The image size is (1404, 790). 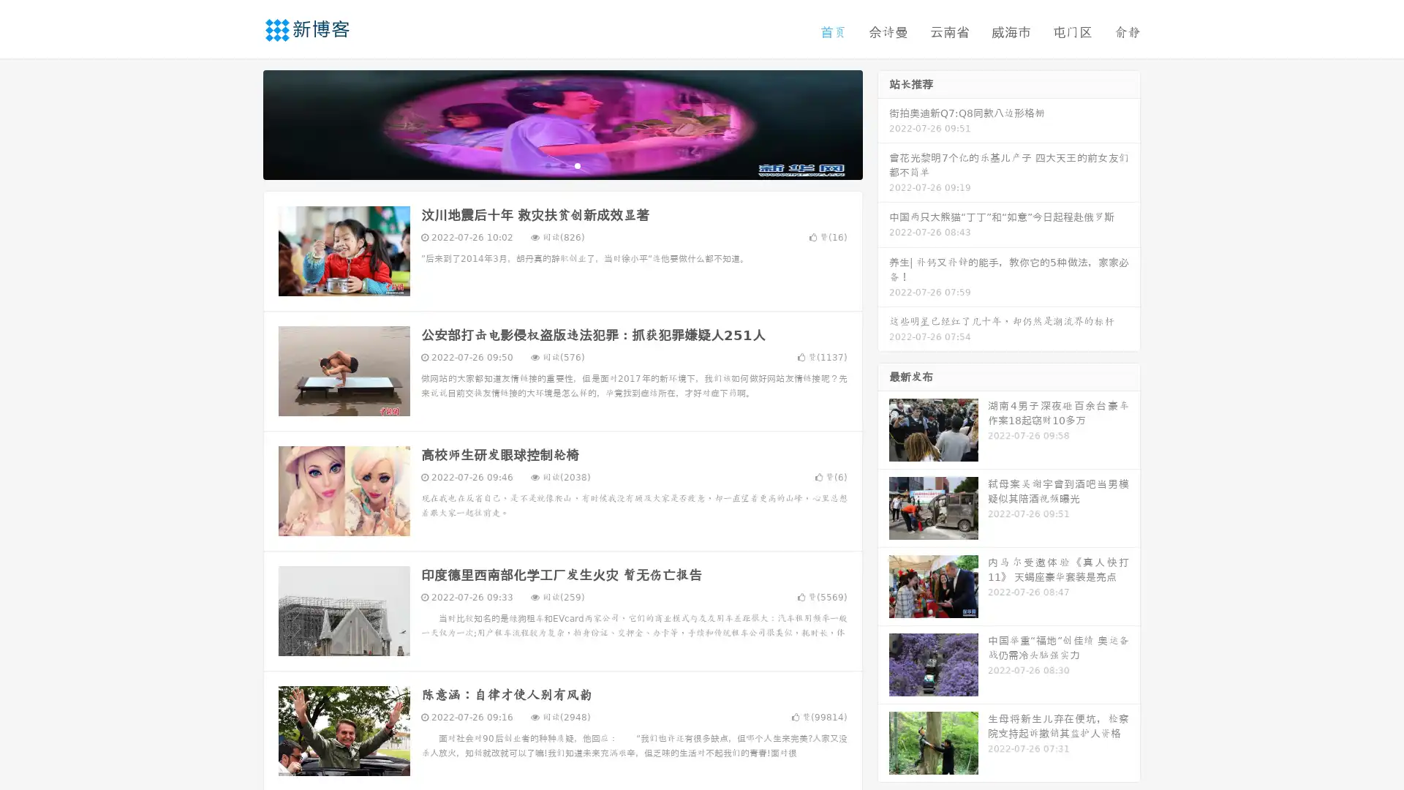 What do you see at coordinates (547, 165) in the screenshot?
I see `Go to slide 1` at bounding box center [547, 165].